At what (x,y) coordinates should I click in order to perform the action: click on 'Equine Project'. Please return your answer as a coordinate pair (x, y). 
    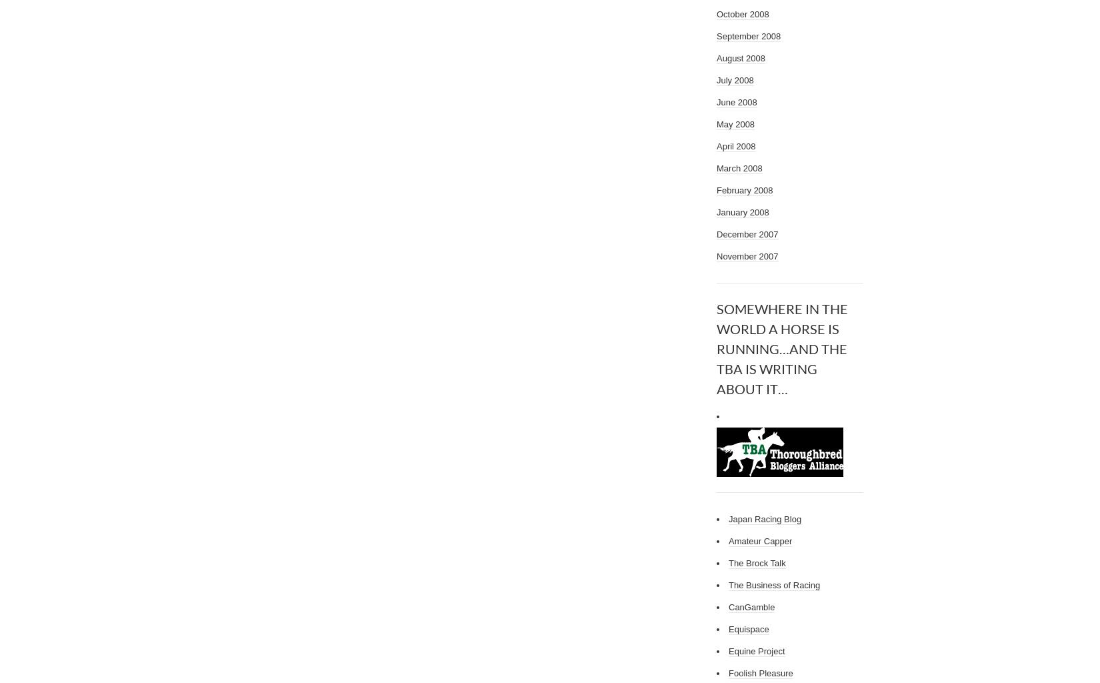
    Looking at the image, I should click on (757, 651).